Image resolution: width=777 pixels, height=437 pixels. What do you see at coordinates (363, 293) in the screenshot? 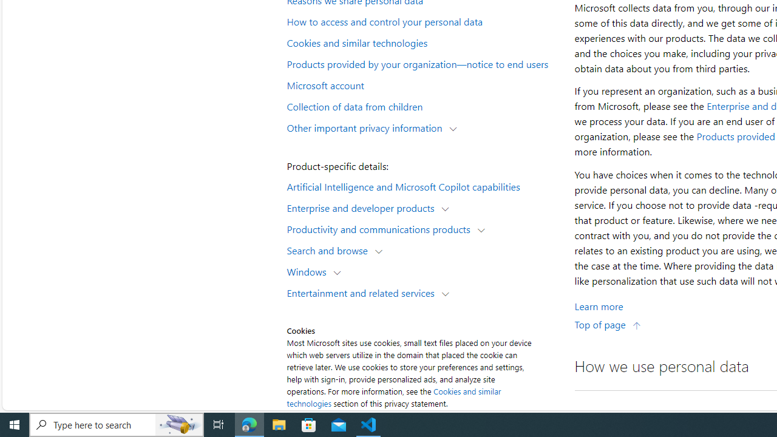
I see `'Entertainment and related services'` at bounding box center [363, 293].